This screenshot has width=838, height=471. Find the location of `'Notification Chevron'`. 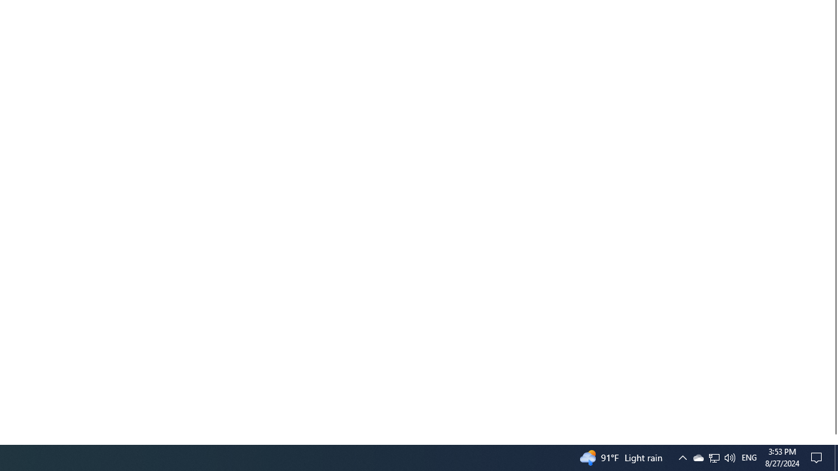

'Notification Chevron' is located at coordinates (697, 457).